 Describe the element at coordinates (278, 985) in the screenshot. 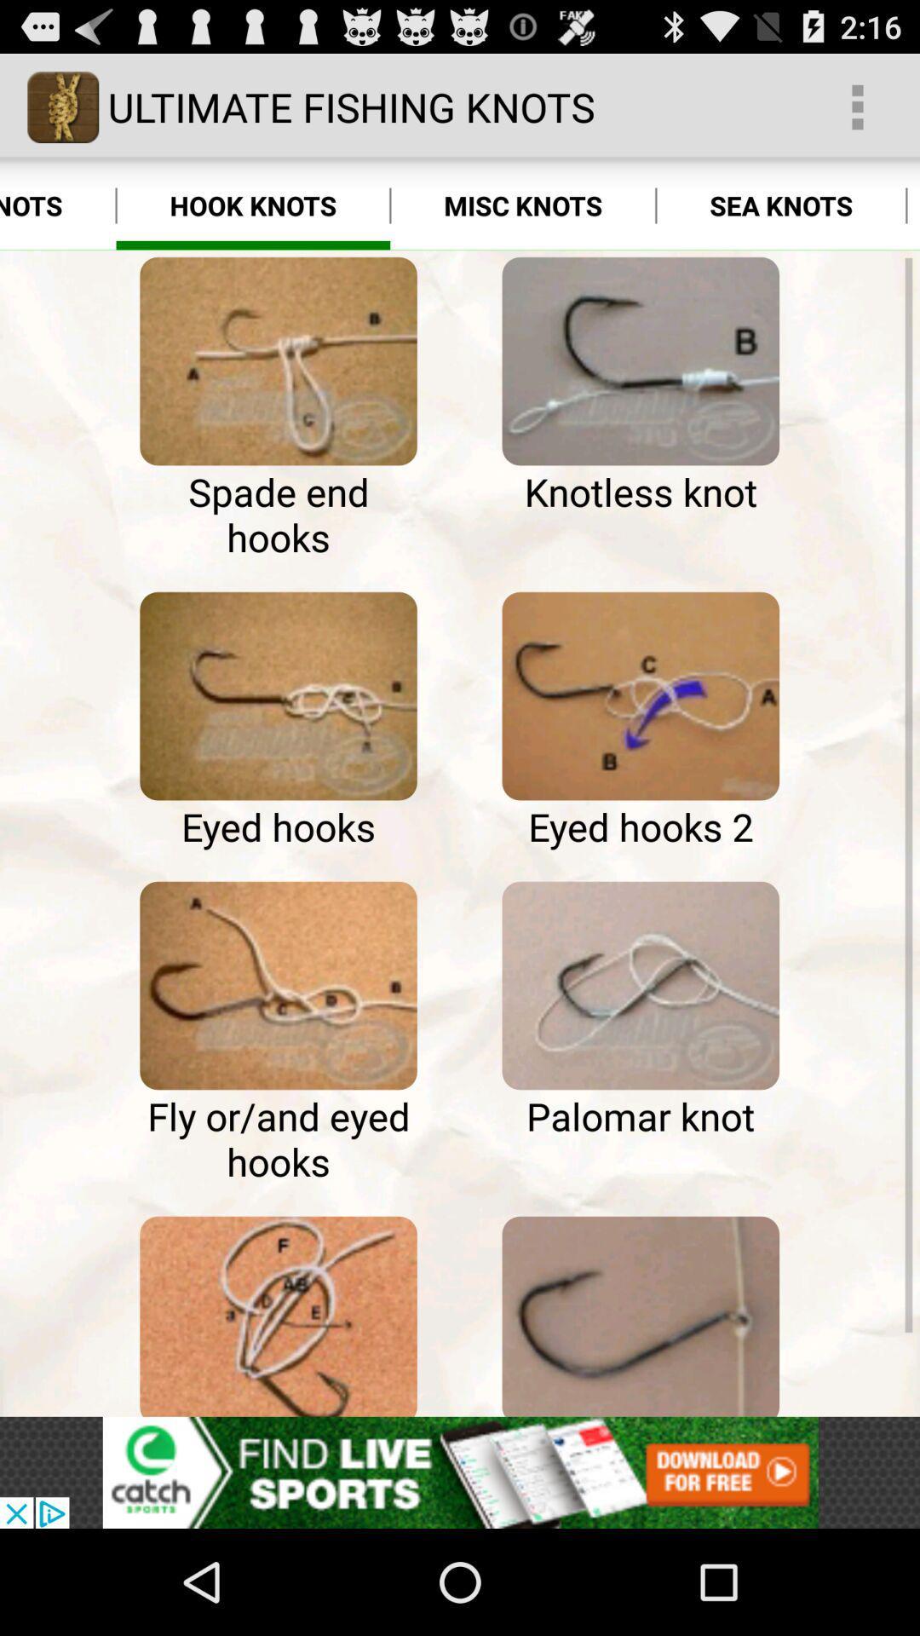

I see `picture pages` at that location.